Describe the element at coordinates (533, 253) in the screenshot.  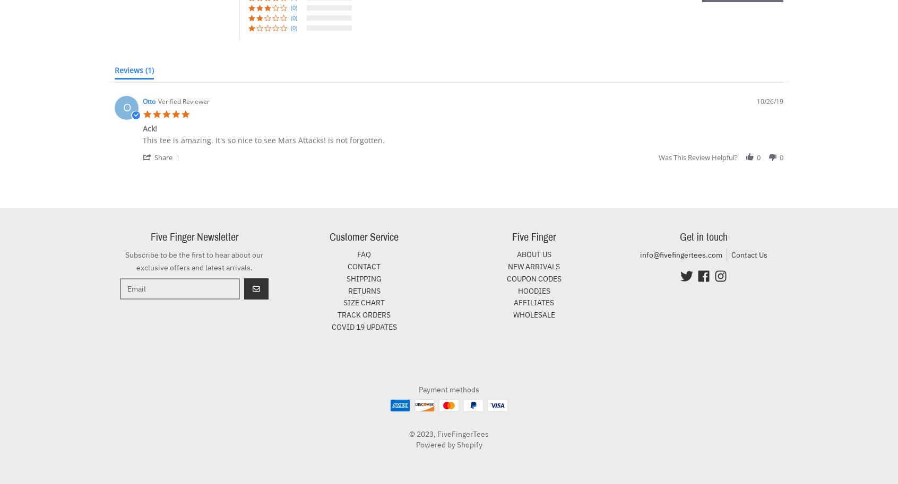
I see `'ABOUT US'` at that location.